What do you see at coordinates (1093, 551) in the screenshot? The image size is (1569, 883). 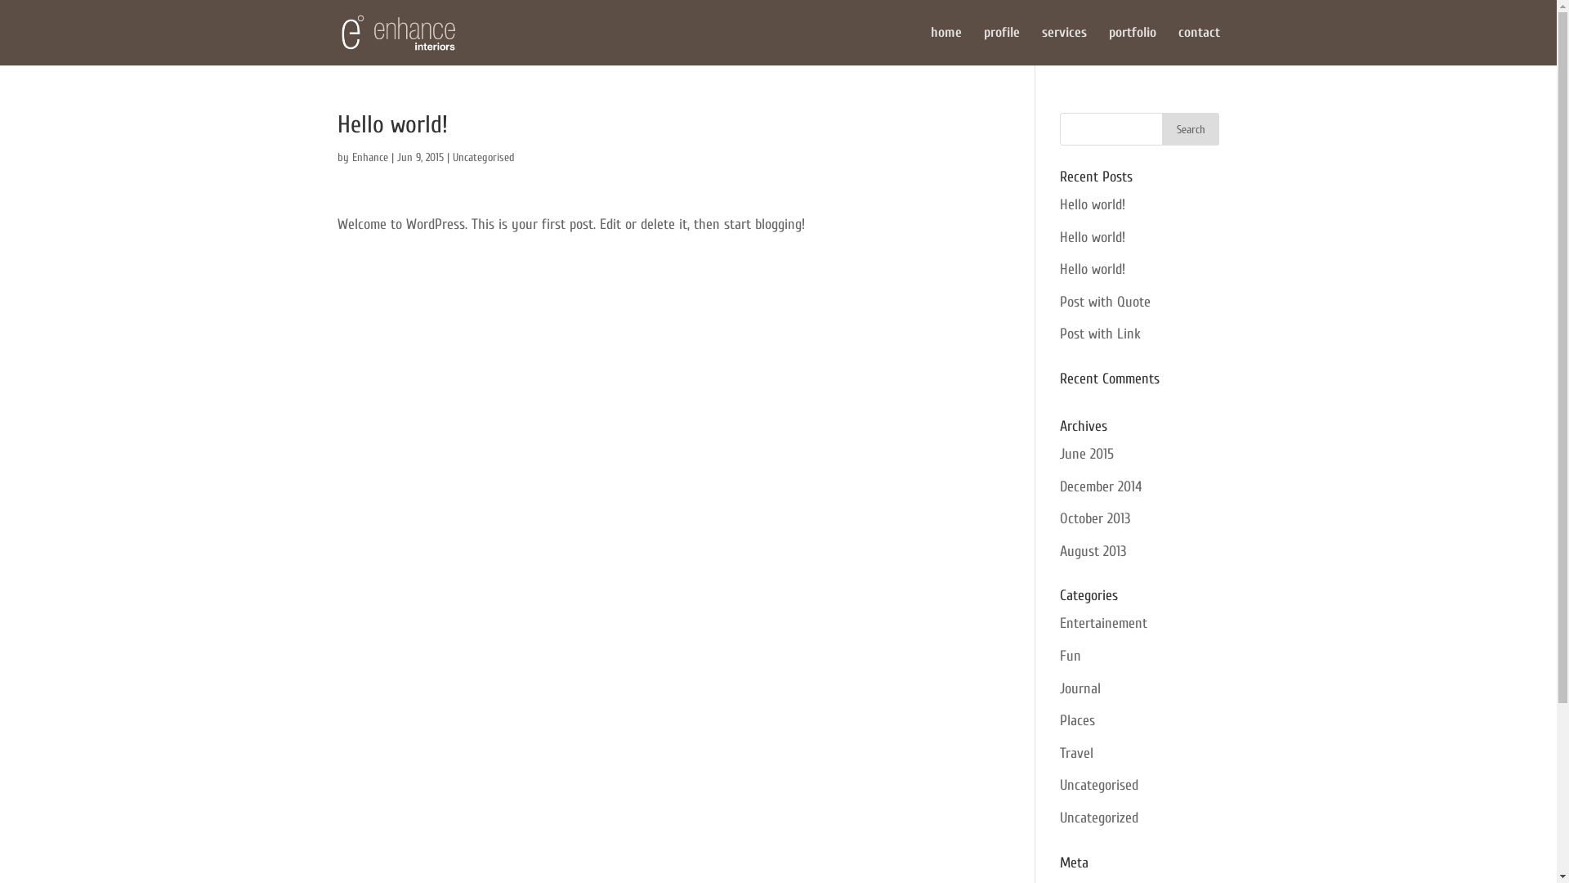 I see `'August 2013'` at bounding box center [1093, 551].